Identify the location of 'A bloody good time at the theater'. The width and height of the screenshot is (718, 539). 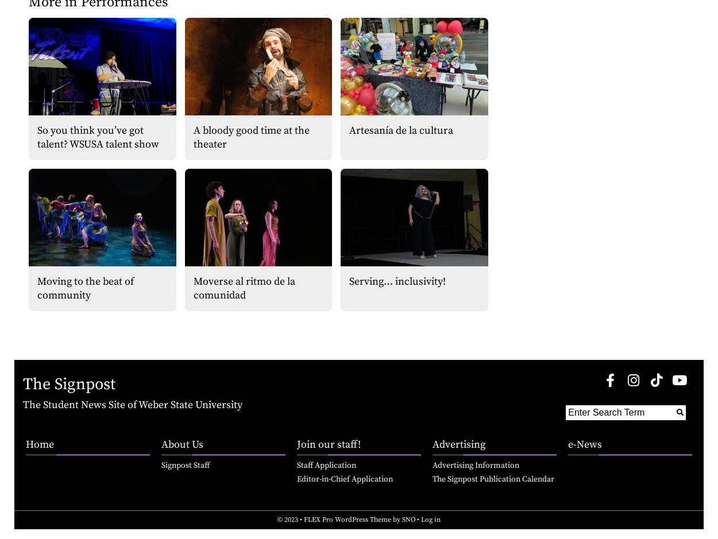
(251, 137).